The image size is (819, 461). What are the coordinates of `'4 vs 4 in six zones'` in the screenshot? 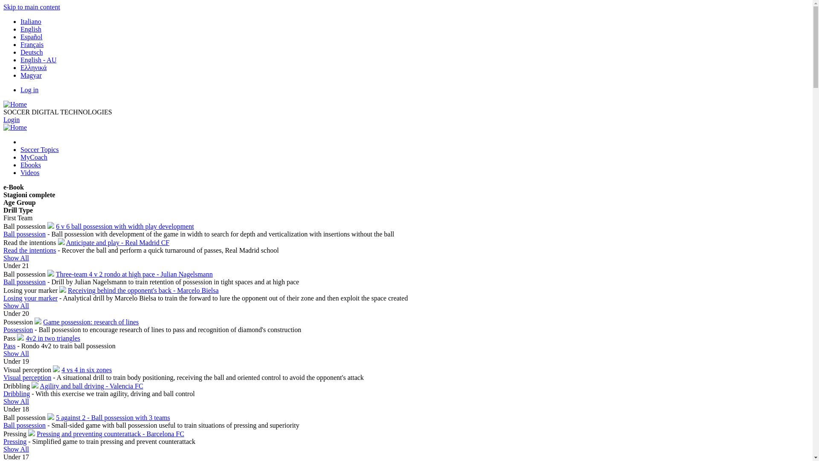 It's located at (86, 369).